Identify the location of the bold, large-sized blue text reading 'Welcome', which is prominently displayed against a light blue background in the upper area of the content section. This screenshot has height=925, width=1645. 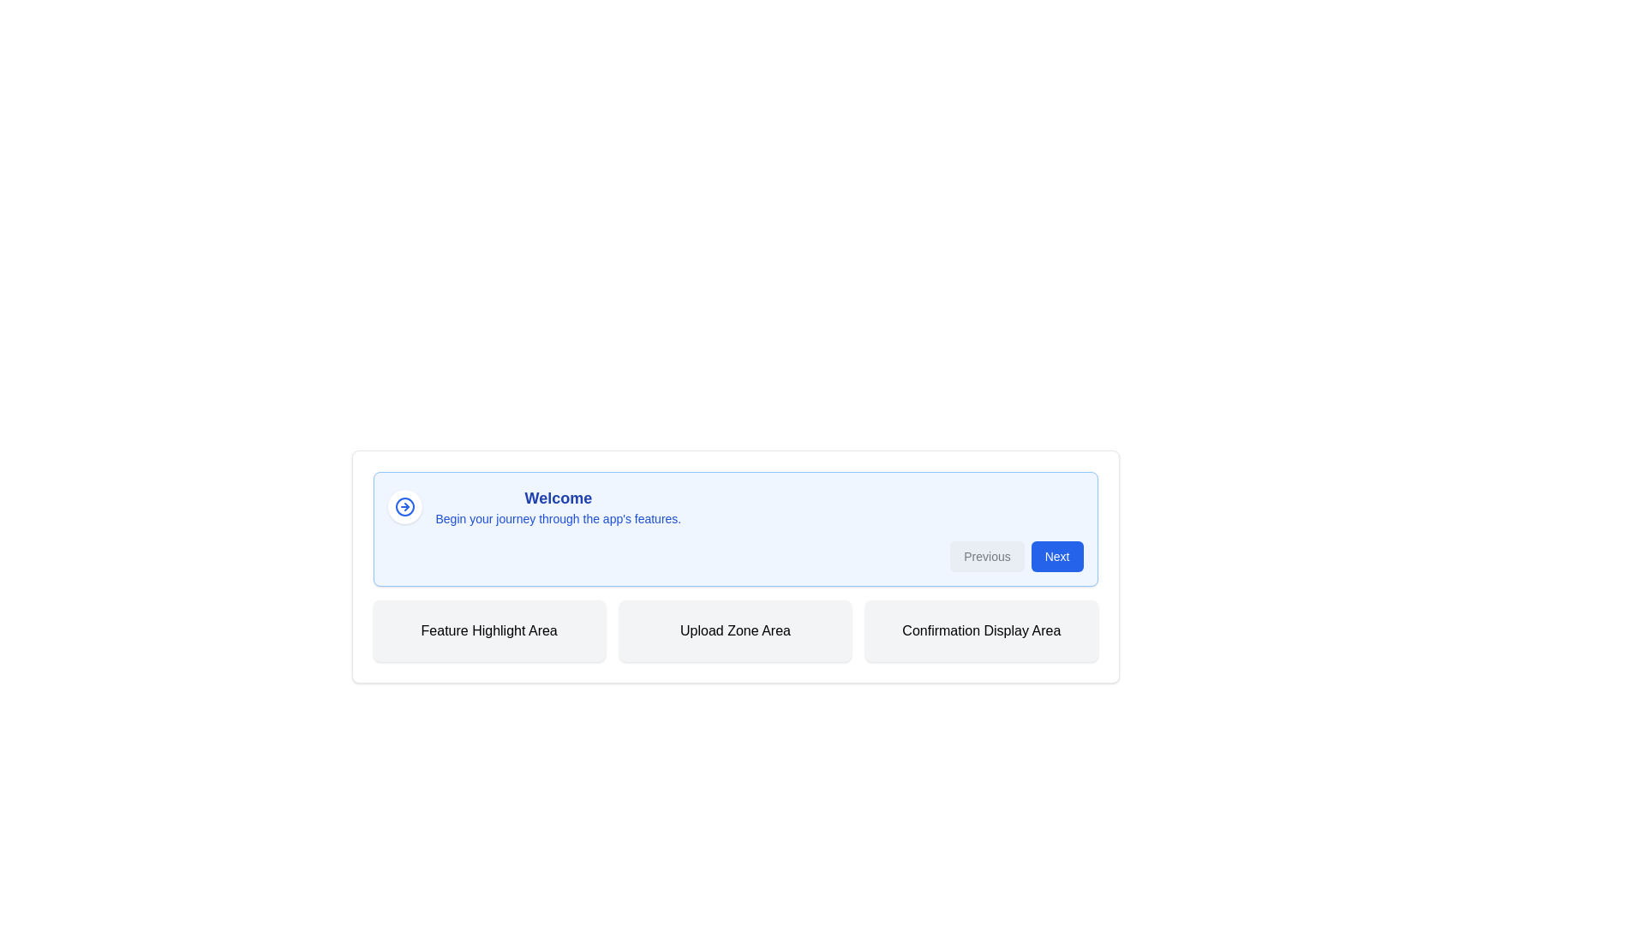
(558, 498).